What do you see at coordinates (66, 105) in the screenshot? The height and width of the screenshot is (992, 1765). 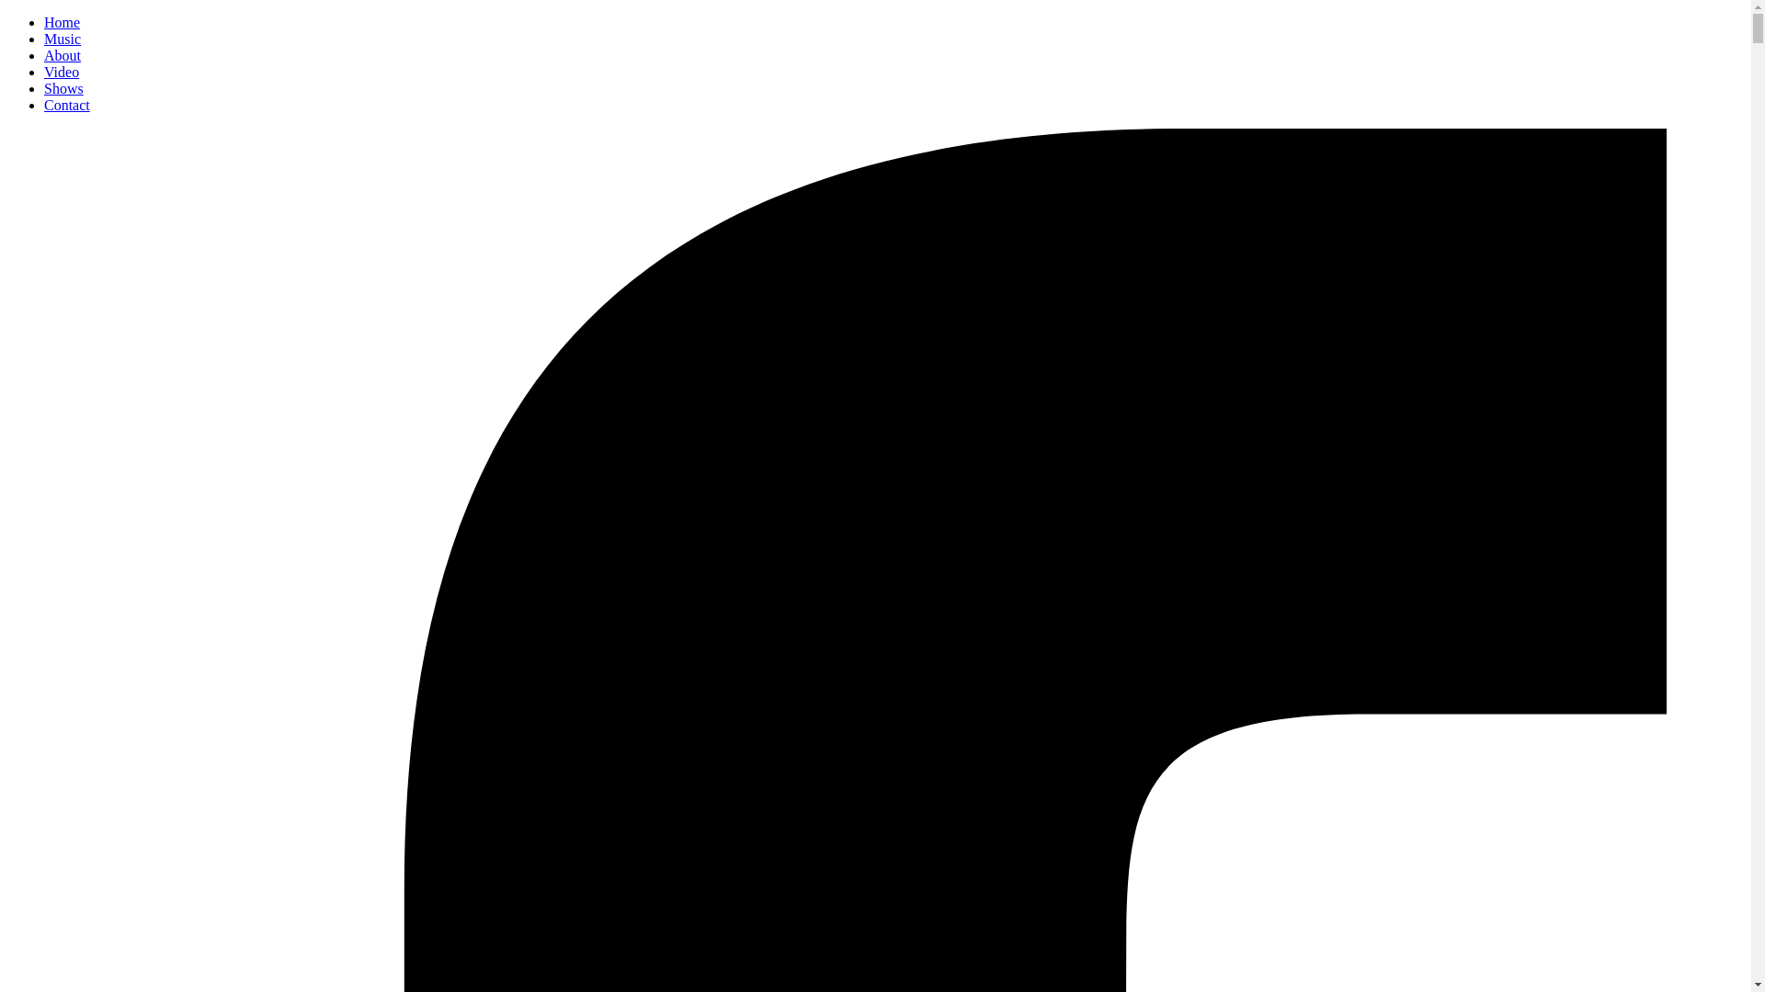 I see `'Contact'` at bounding box center [66, 105].